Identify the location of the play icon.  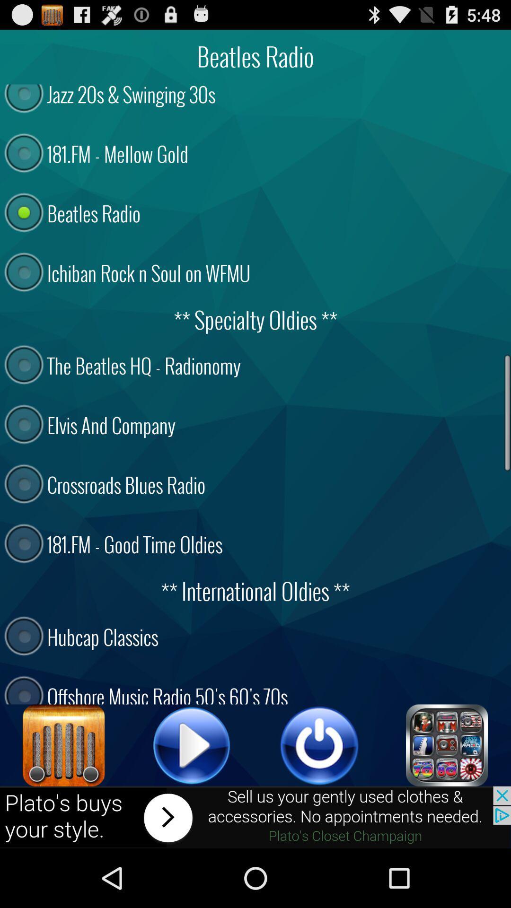
(192, 797).